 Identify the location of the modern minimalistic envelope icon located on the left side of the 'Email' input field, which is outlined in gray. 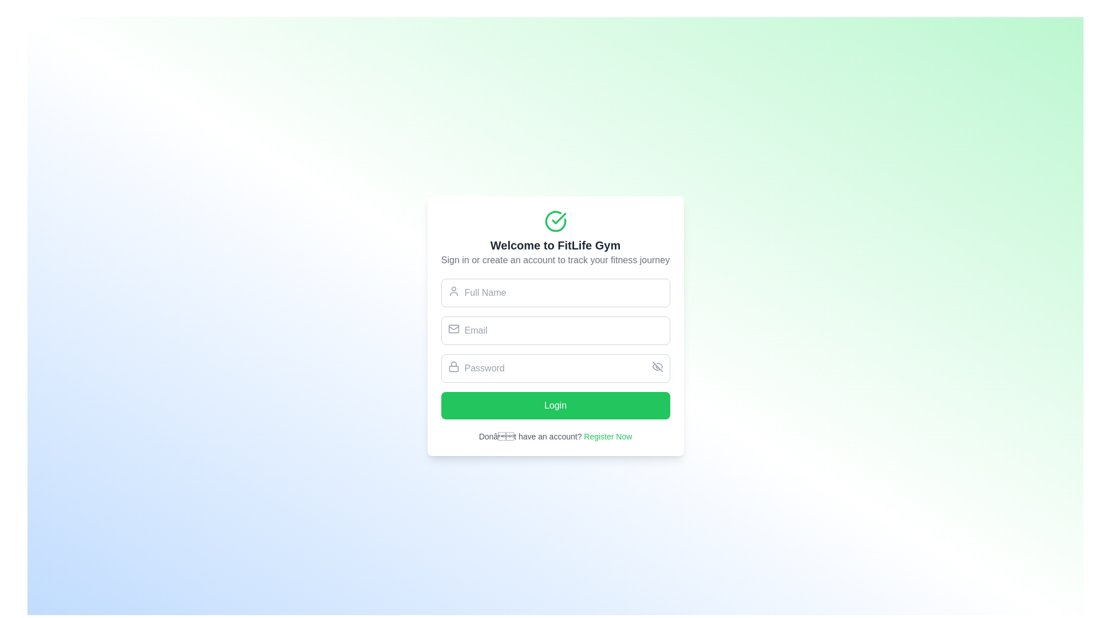
(453, 328).